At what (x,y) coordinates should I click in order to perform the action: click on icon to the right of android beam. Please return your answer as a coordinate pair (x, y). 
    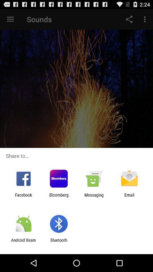
    Looking at the image, I should click on (58, 242).